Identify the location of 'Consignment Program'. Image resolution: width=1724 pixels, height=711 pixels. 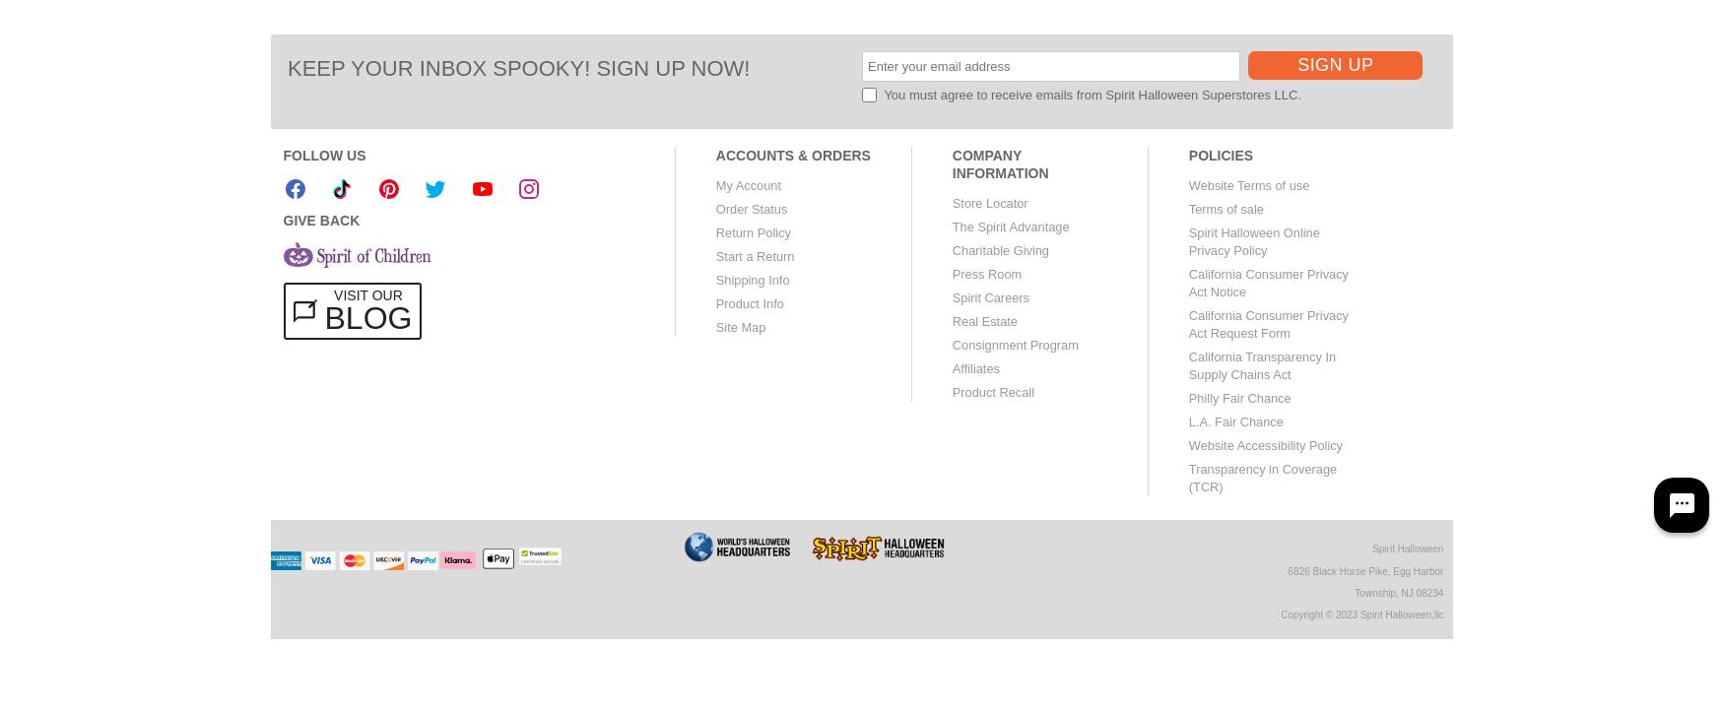
(1014, 344).